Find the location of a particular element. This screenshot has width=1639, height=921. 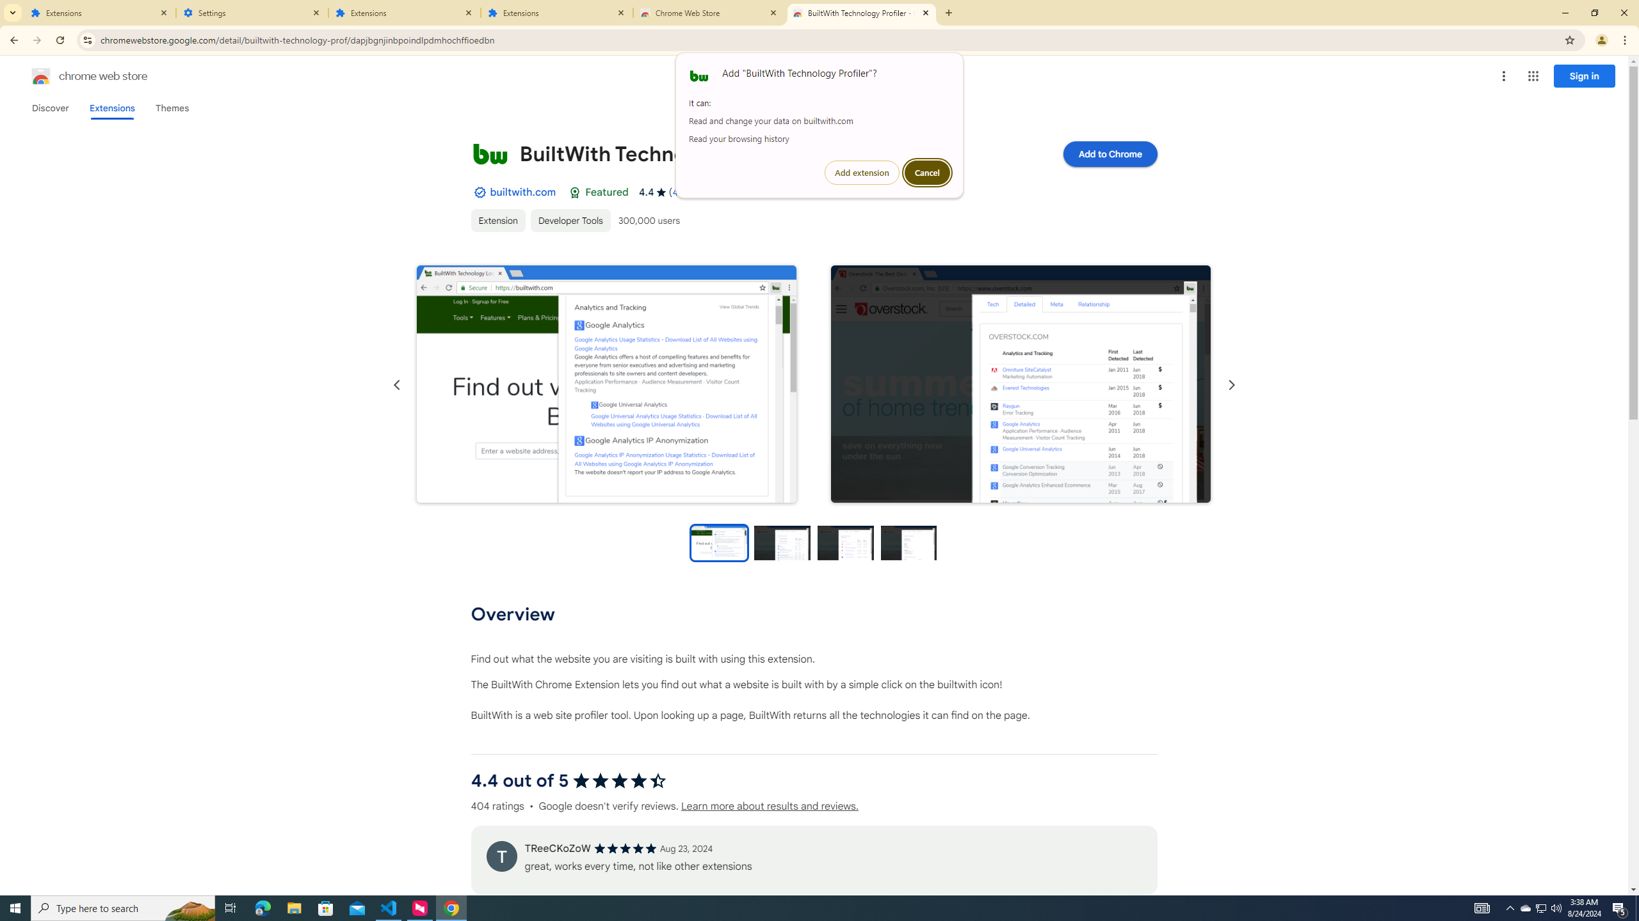

'Show desktop' is located at coordinates (1636, 907).